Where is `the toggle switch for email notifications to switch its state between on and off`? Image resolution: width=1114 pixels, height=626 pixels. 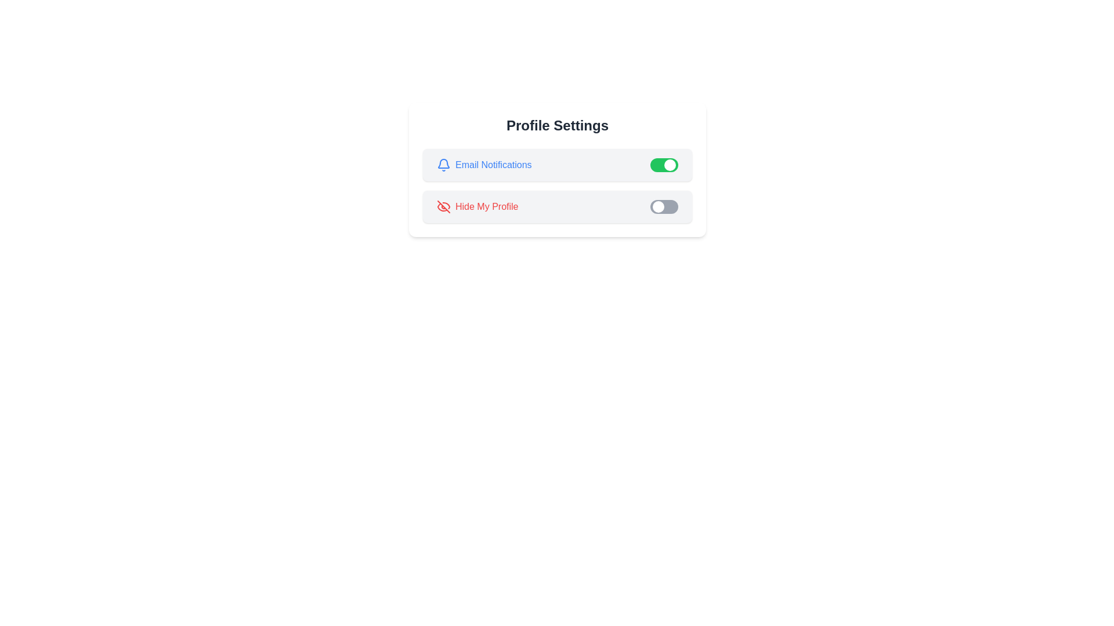 the toggle switch for email notifications to switch its state between on and off is located at coordinates (664, 165).